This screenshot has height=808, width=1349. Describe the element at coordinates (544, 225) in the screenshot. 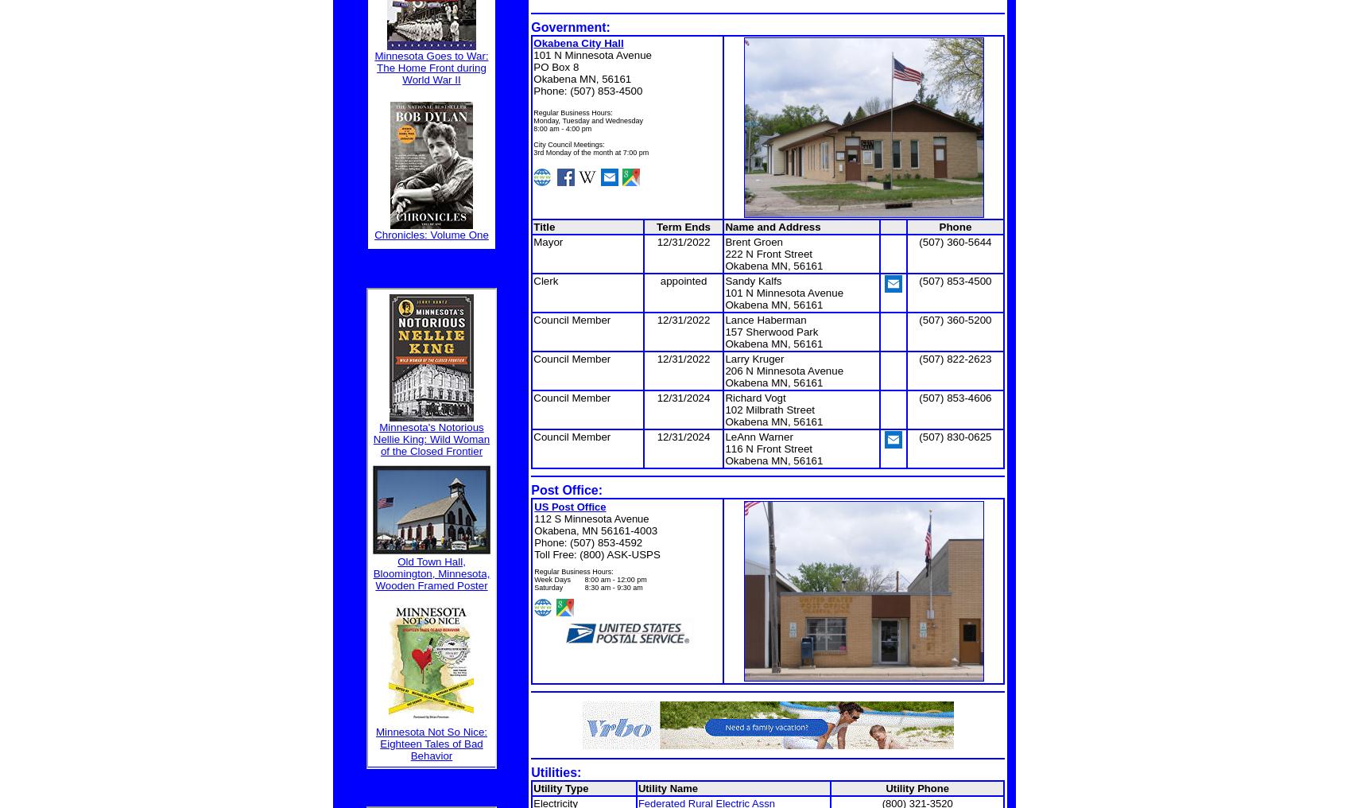

I see `'Title'` at that location.